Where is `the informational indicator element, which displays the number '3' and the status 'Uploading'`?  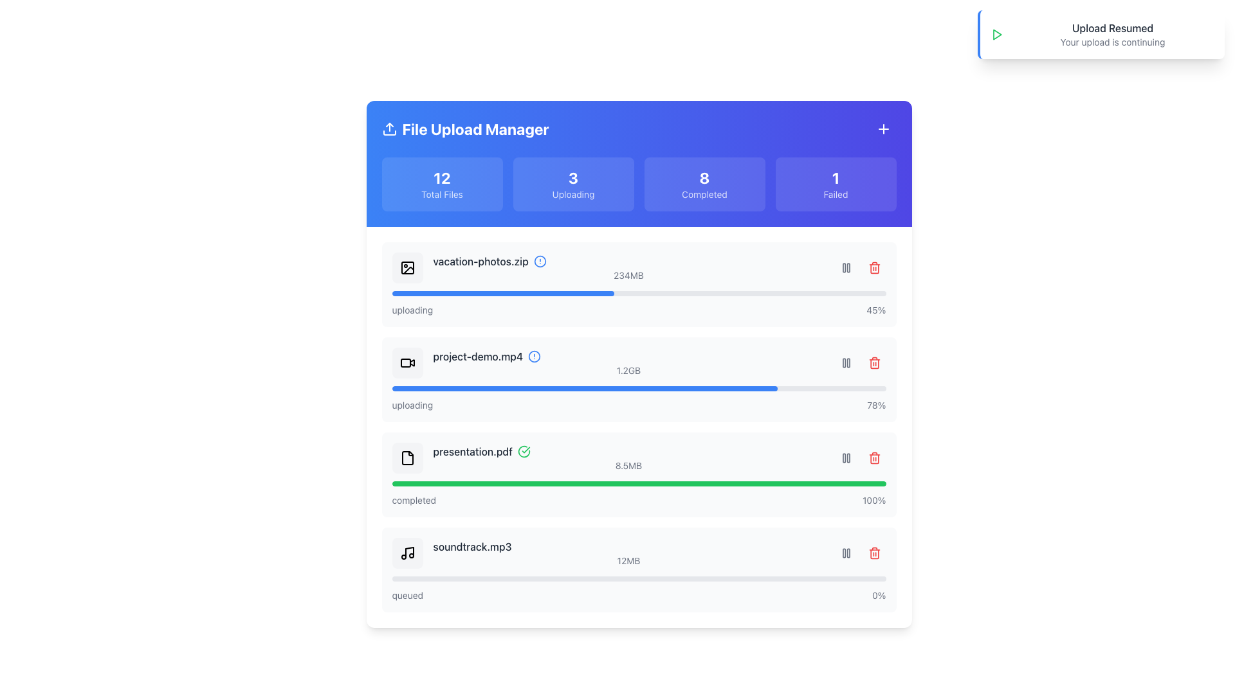
the informational indicator element, which displays the number '3' and the status 'Uploading' is located at coordinates (572, 184).